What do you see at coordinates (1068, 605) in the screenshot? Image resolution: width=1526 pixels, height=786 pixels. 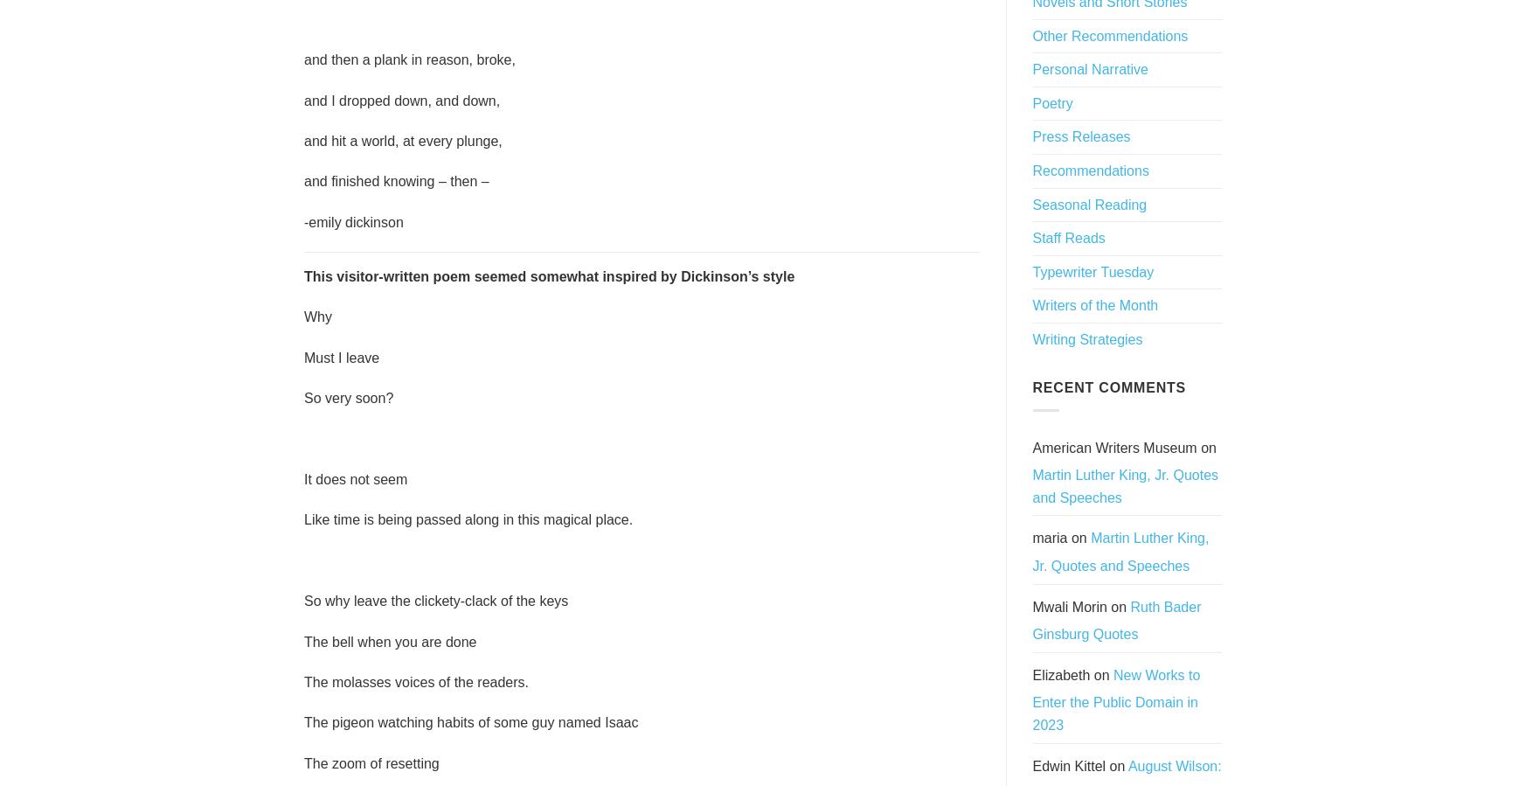 I see `'Mwali Morin'` at bounding box center [1068, 605].